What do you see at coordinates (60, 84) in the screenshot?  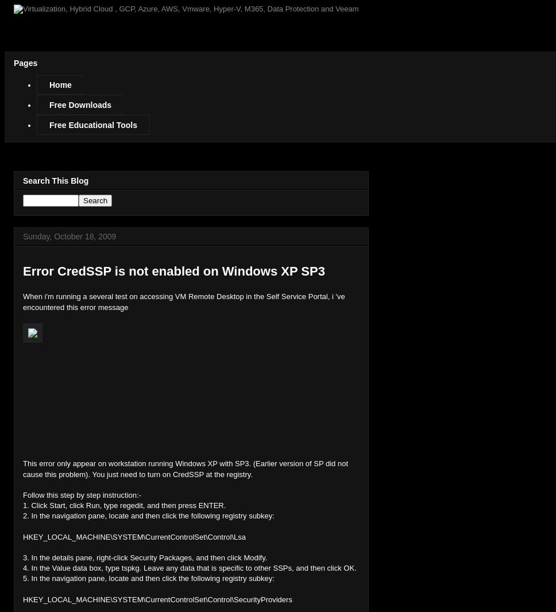 I see `'Home'` at bounding box center [60, 84].